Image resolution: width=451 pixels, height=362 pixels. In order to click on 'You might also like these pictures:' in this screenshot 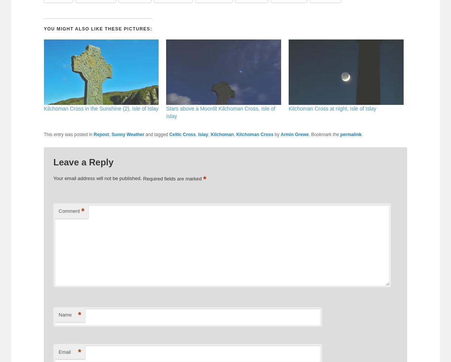, I will do `click(97, 28)`.